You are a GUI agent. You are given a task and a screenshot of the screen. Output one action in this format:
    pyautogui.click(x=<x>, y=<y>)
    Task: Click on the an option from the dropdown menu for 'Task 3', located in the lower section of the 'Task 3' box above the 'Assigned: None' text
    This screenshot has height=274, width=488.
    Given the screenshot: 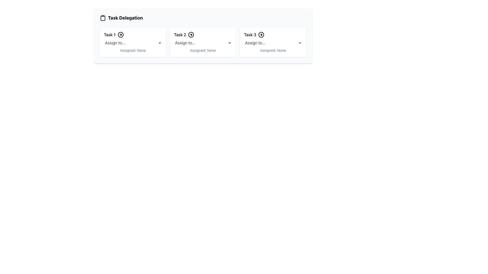 What is the action you would take?
    pyautogui.click(x=273, y=43)
    